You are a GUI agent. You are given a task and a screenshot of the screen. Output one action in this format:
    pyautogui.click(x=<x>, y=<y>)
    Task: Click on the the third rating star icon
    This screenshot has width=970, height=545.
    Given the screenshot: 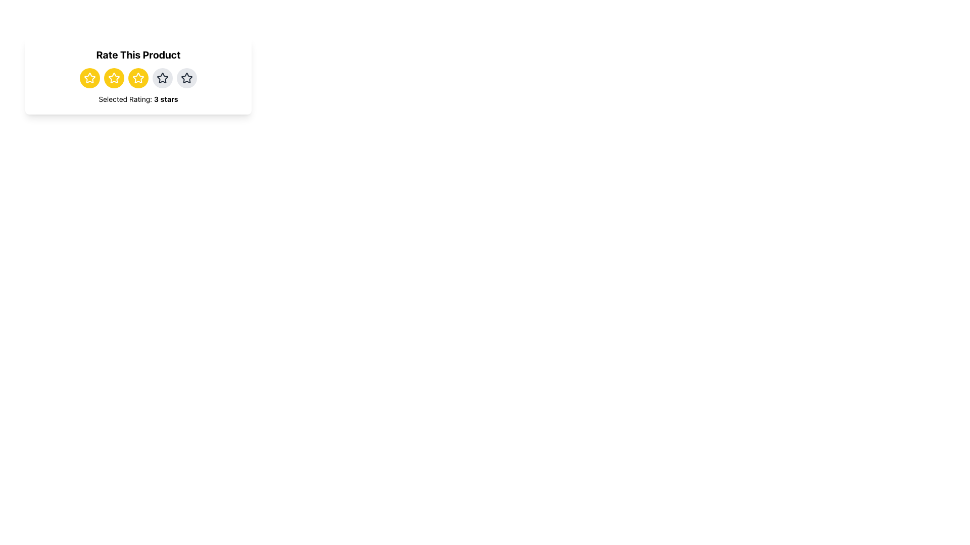 What is the action you would take?
    pyautogui.click(x=137, y=77)
    